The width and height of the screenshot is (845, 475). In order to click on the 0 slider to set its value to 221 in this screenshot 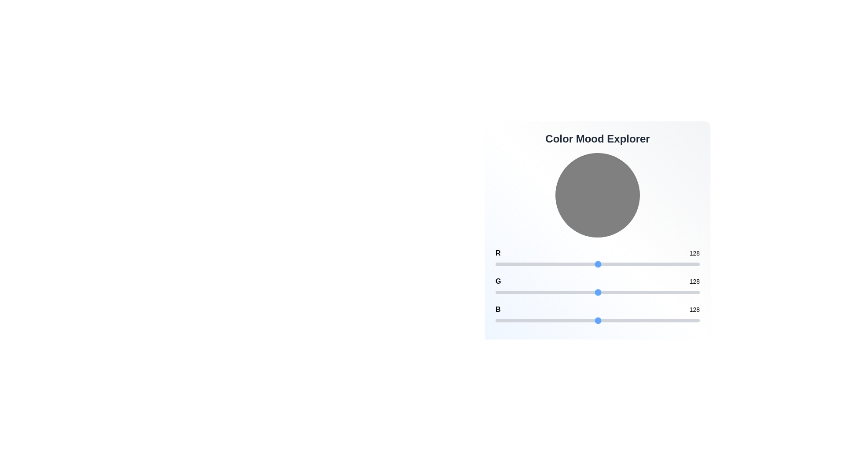, I will do `click(672, 264)`.